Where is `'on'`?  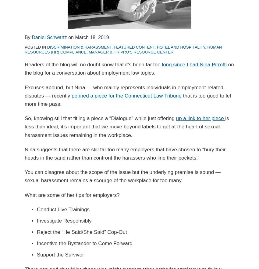 'on' is located at coordinates (71, 37).